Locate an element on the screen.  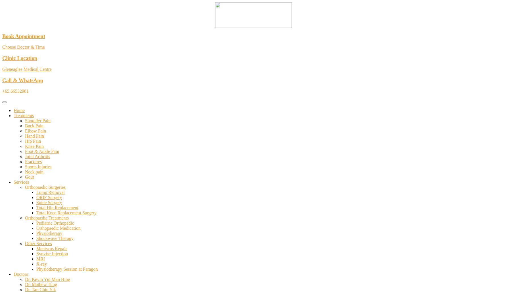
'+65 66532981' is located at coordinates (15, 91).